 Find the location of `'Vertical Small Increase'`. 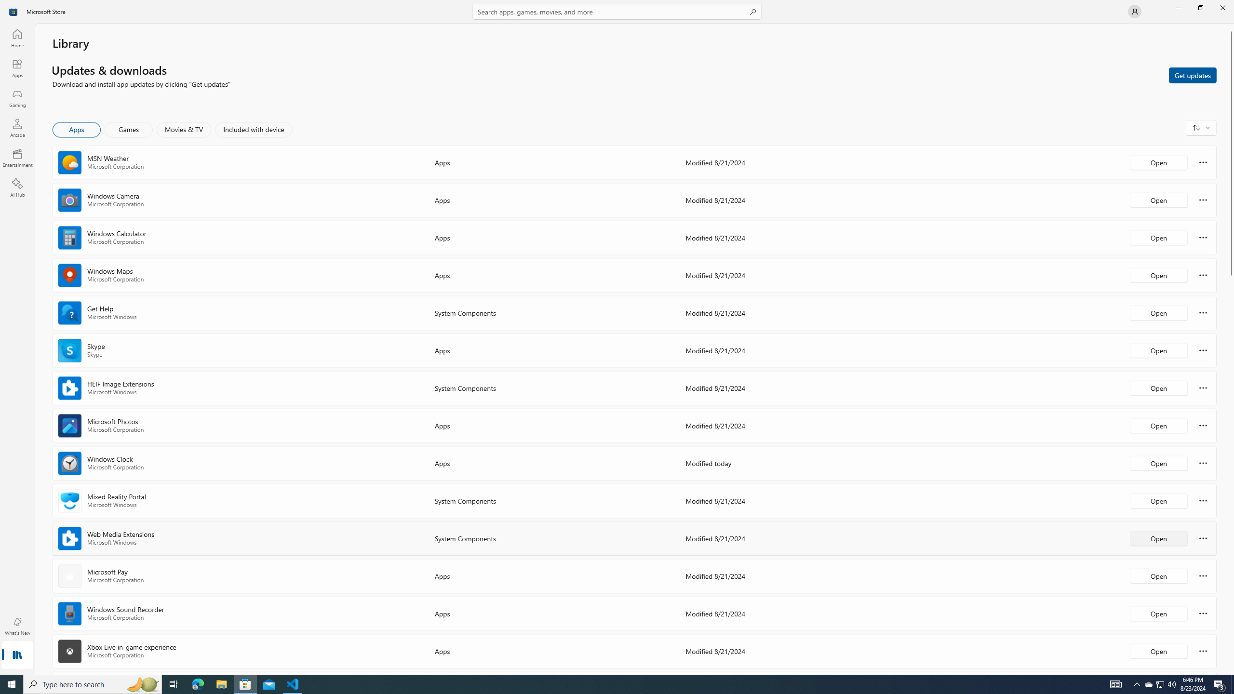

'Vertical Small Increase' is located at coordinates (1230, 671).